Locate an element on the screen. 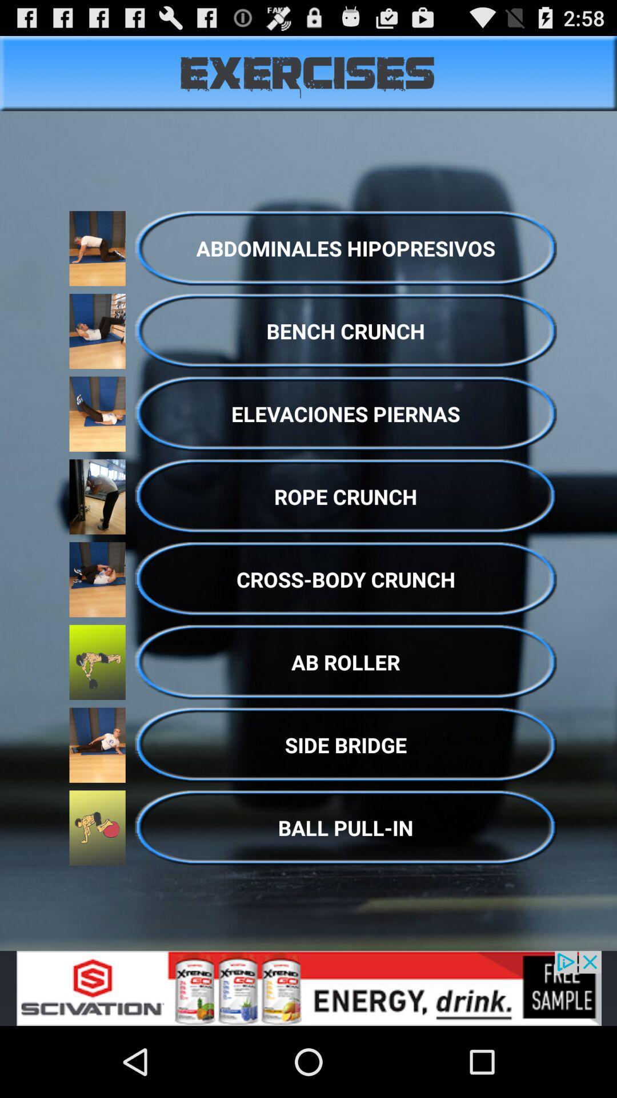 Image resolution: width=617 pixels, height=1098 pixels. click advertisement is located at coordinates (308, 988).